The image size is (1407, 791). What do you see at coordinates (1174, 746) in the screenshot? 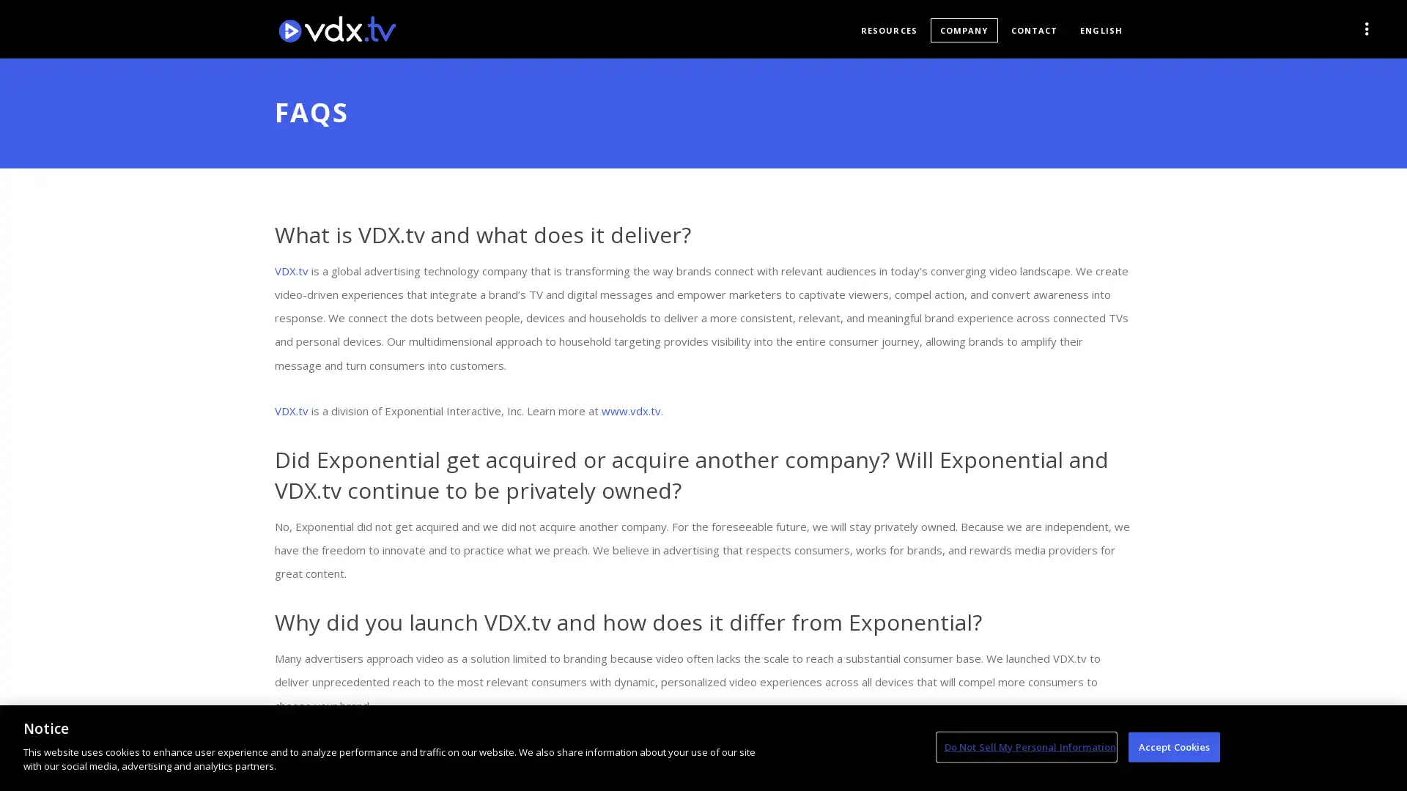
I see `Accept Cookies` at bounding box center [1174, 746].